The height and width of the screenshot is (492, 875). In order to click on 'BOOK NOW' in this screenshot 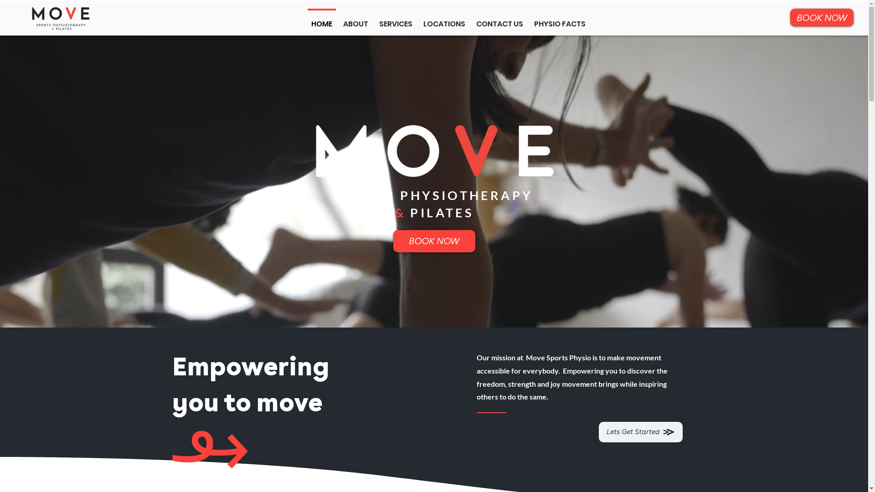, I will do `click(433, 241)`.